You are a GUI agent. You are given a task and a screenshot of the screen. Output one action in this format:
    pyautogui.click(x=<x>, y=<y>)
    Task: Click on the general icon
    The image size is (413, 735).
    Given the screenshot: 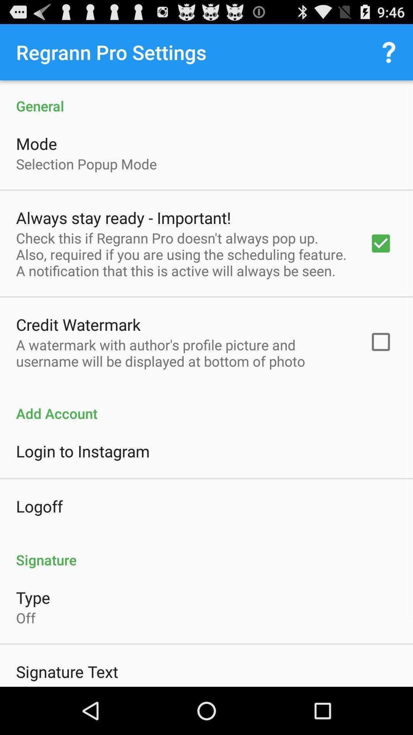 What is the action you would take?
    pyautogui.click(x=206, y=97)
    